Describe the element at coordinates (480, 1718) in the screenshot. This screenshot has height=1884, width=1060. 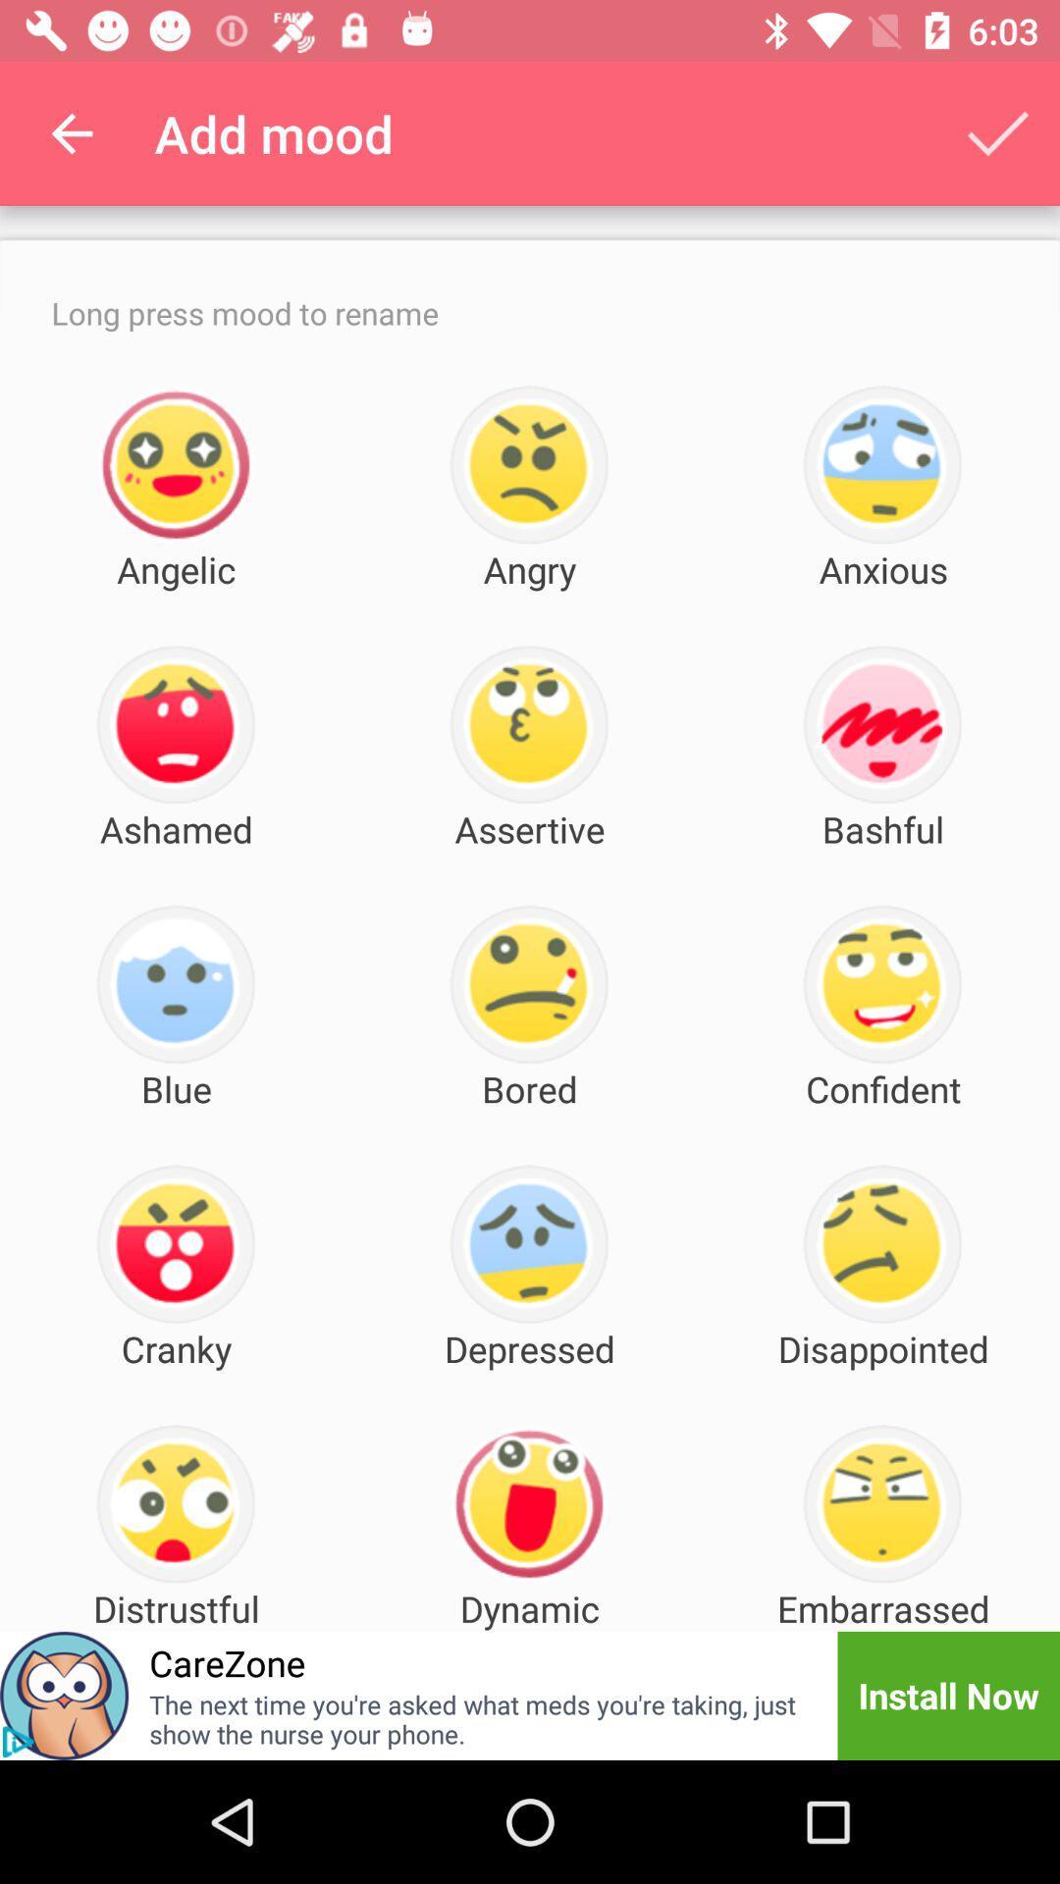
I see `the item next to install now icon` at that location.